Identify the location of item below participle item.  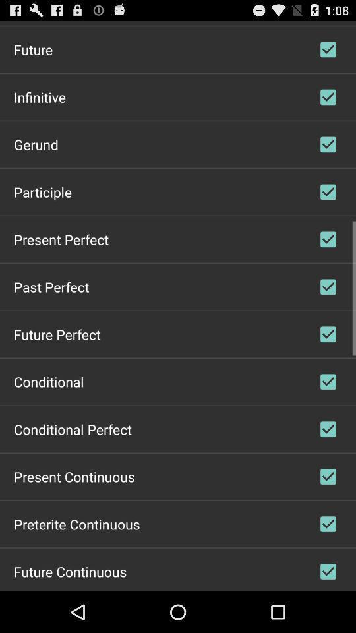
(60, 238).